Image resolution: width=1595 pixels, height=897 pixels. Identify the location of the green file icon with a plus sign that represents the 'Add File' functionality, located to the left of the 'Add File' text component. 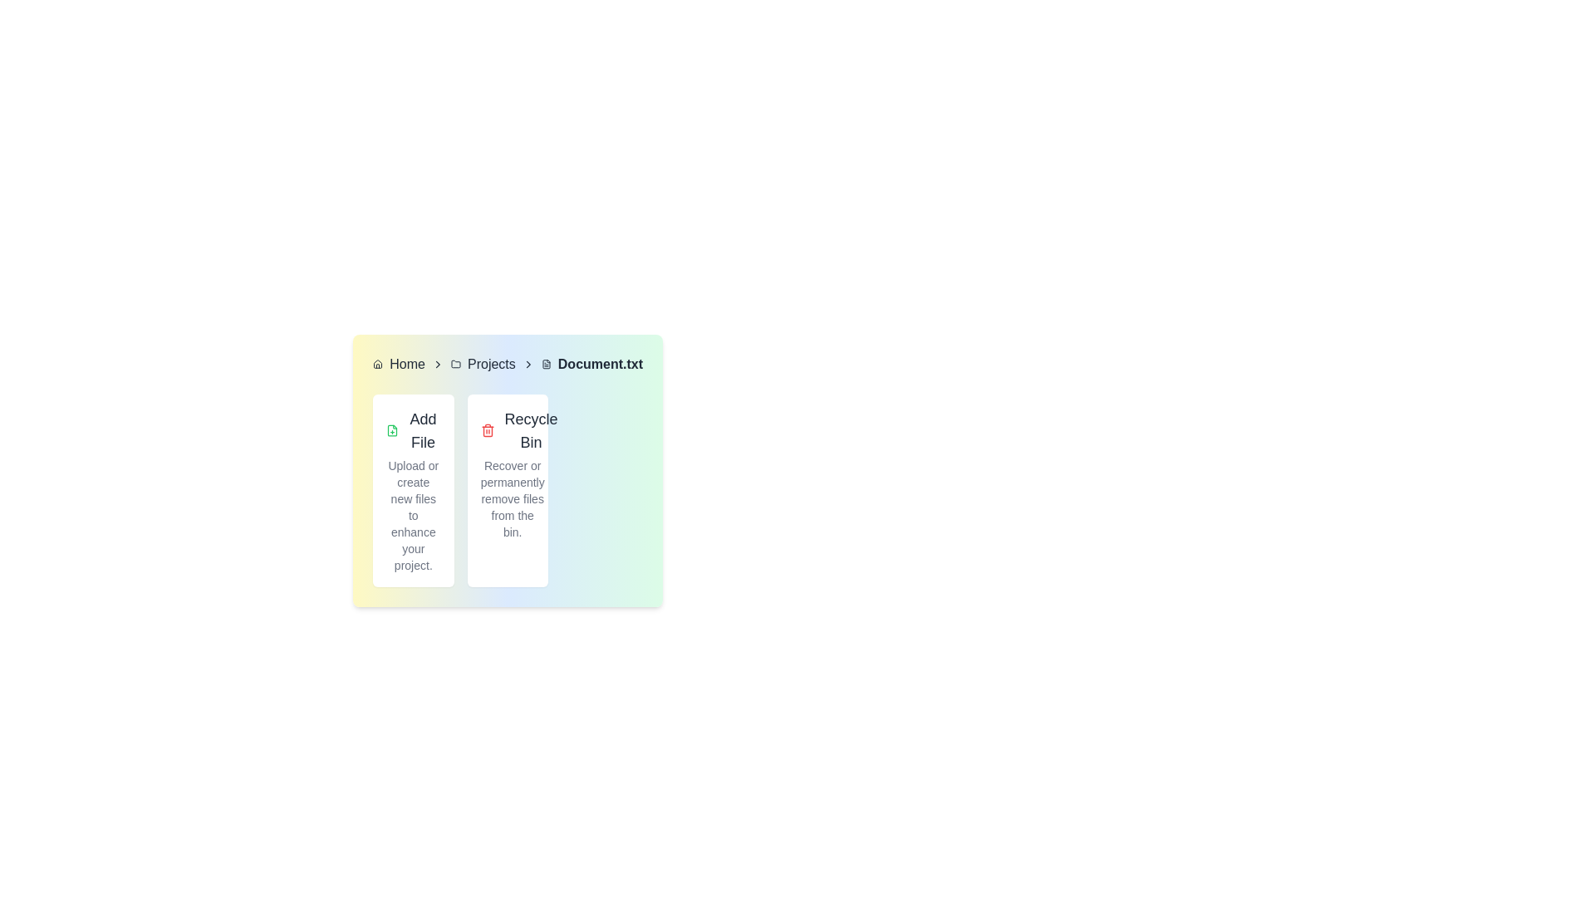
(391, 430).